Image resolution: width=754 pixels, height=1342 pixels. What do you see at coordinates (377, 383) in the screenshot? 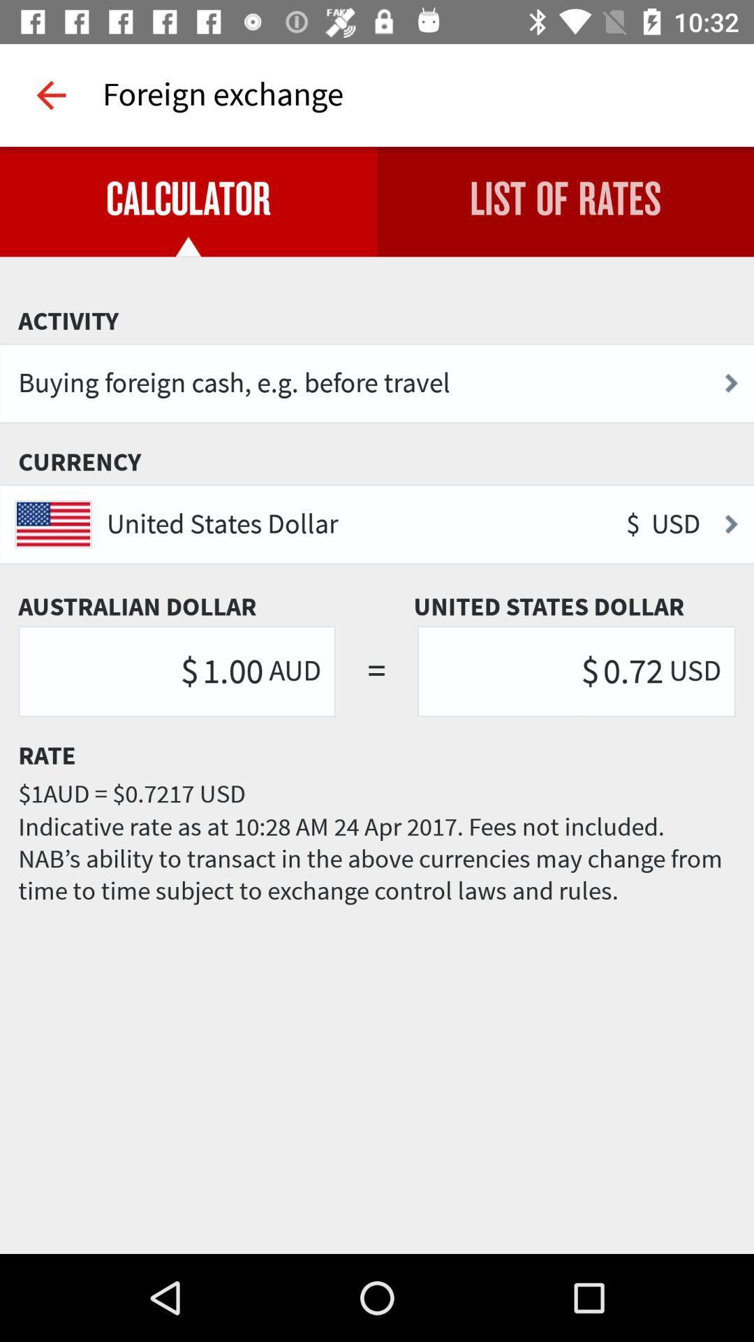
I see `the buying foreign cash icon` at bounding box center [377, 383].